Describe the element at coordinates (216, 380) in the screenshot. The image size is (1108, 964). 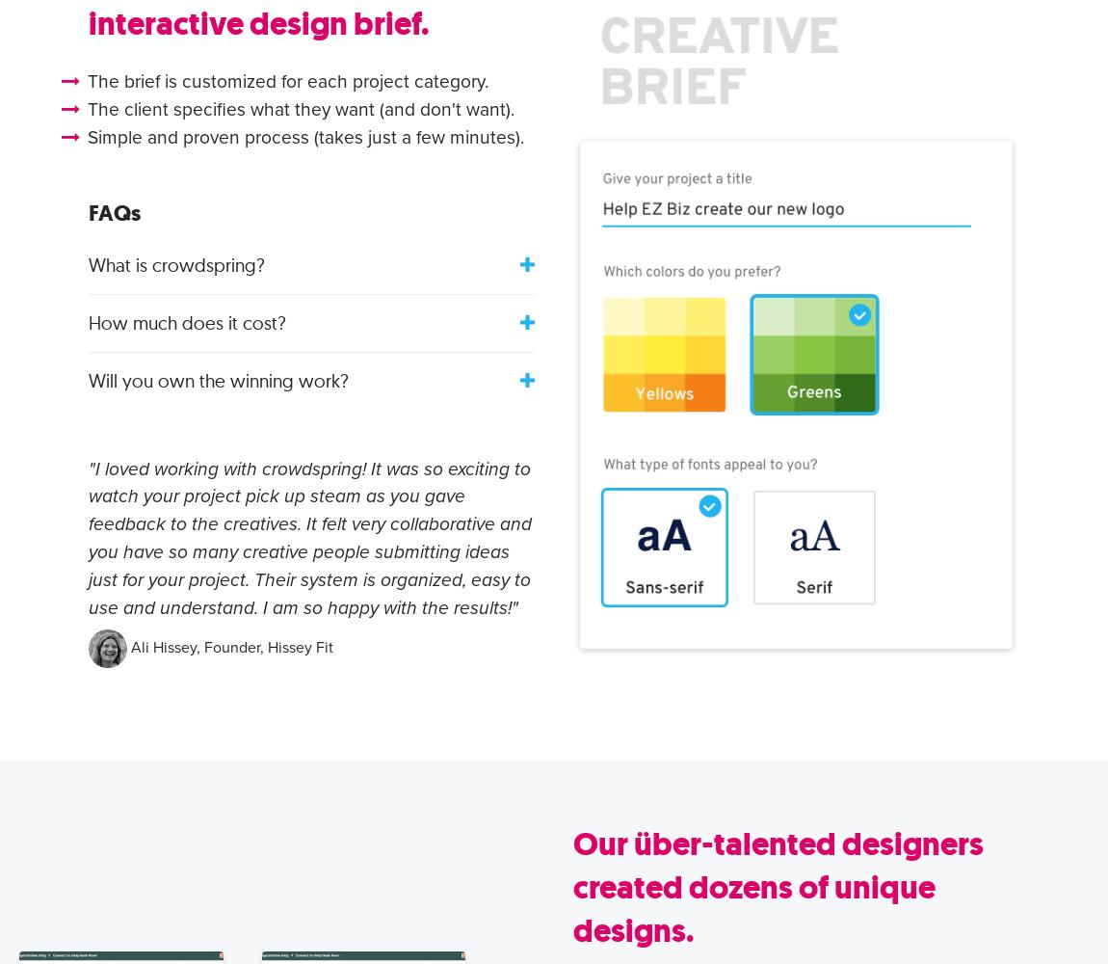
I see `'Will you own the winning work?'` at that location.